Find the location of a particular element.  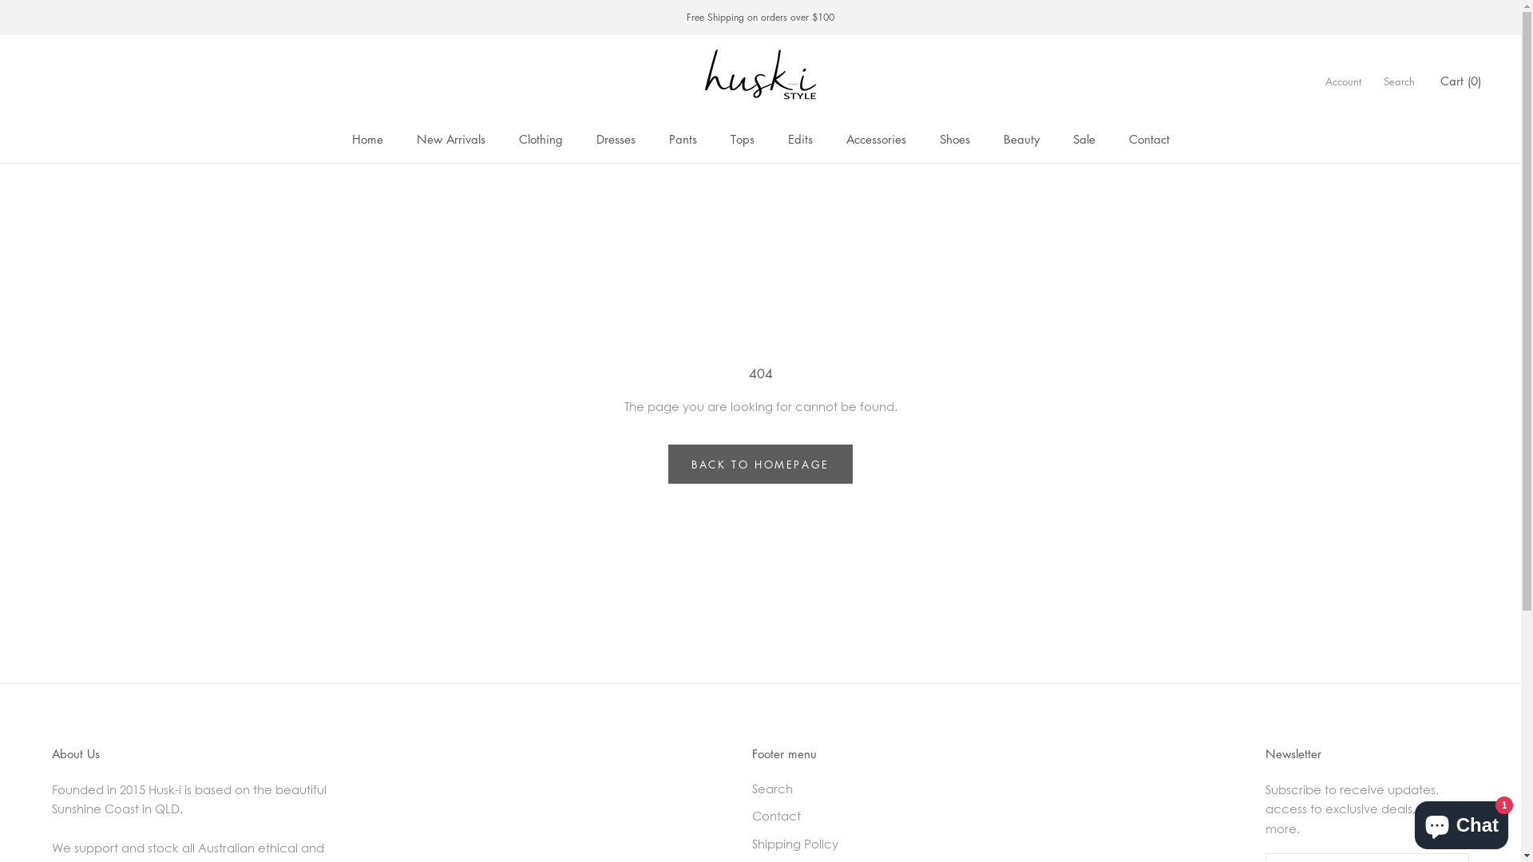

'Contact' is located at coordinates (798, 816).